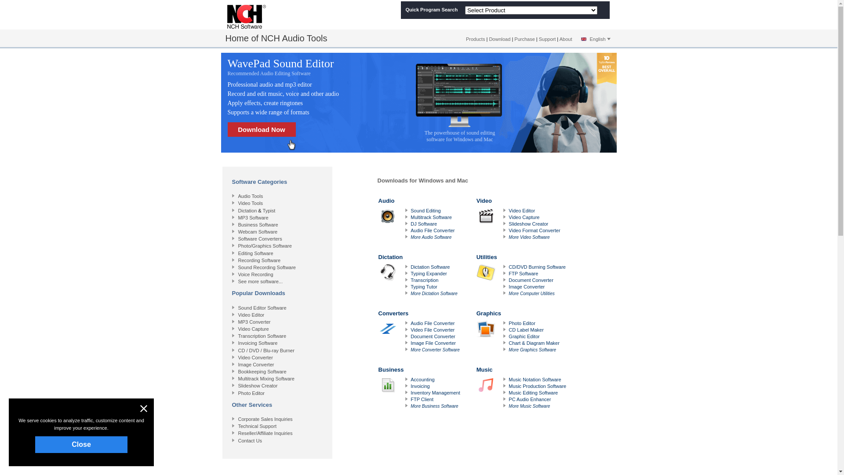 The image size is (844, 475). I want to click on 'Transcription Software', so click(238, 336).